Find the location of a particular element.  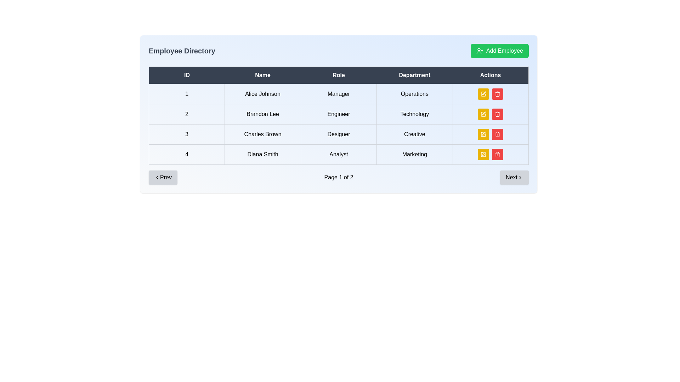

the ID cell for employee 'Charles Brown' located in the third row and first column of the table is located at coordinates (187, 134).